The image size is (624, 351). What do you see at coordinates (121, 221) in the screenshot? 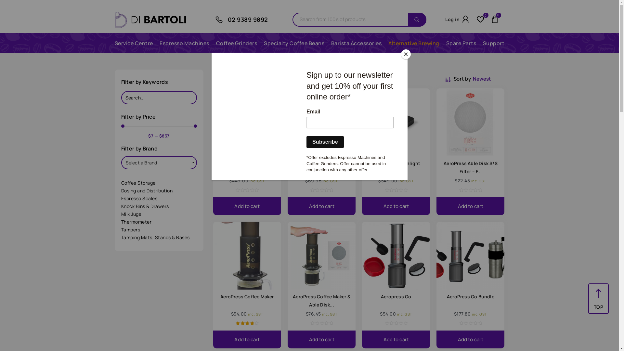
I see `'Thermometer'` at bounding box center [121, 221].